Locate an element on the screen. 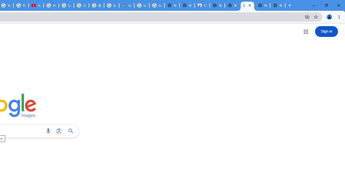 This screenshot has height=194, width=345. 'How Chrome protects your passwords - Google Chrome Help' is located at coordinates (51, 5).